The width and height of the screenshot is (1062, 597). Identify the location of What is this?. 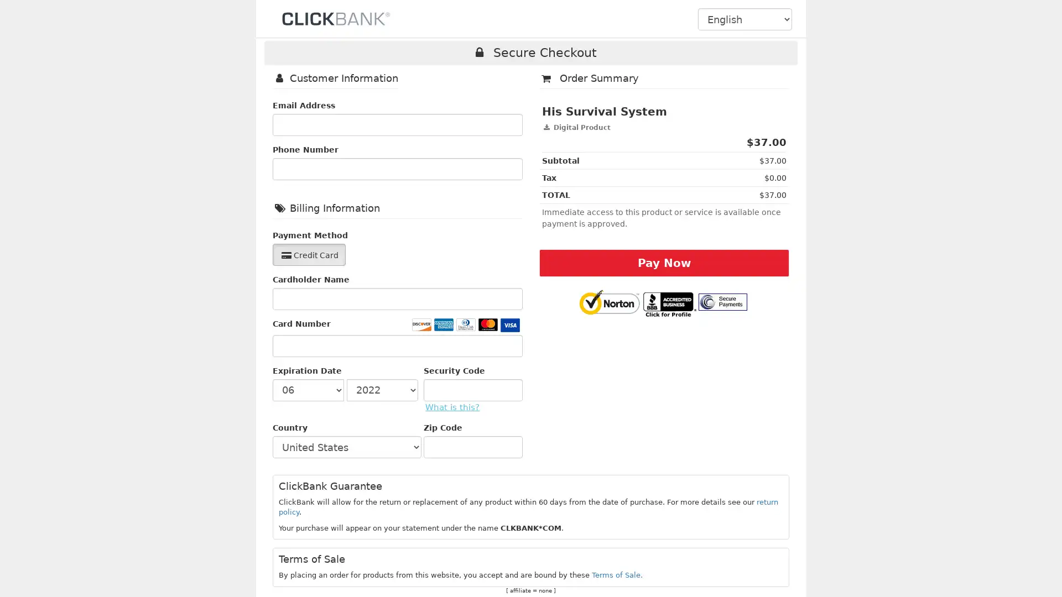
(452, 407).